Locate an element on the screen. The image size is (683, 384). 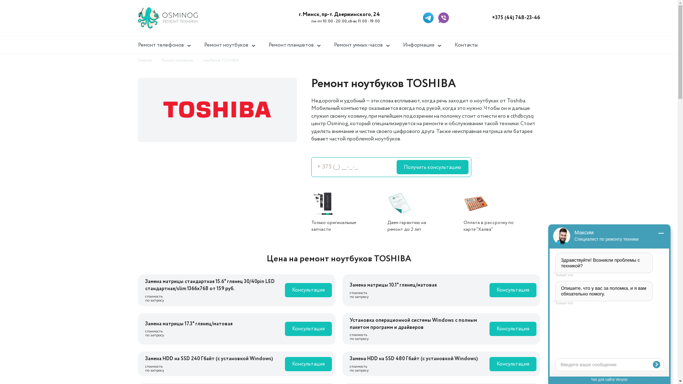
'+375 (44) 748-23-46' is located at coordinates (515, 17).